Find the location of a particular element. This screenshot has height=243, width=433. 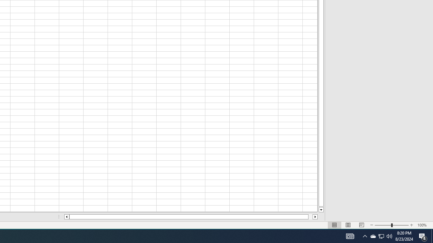

'User Promoted Notification Area' is located at coordinates (381, 236).